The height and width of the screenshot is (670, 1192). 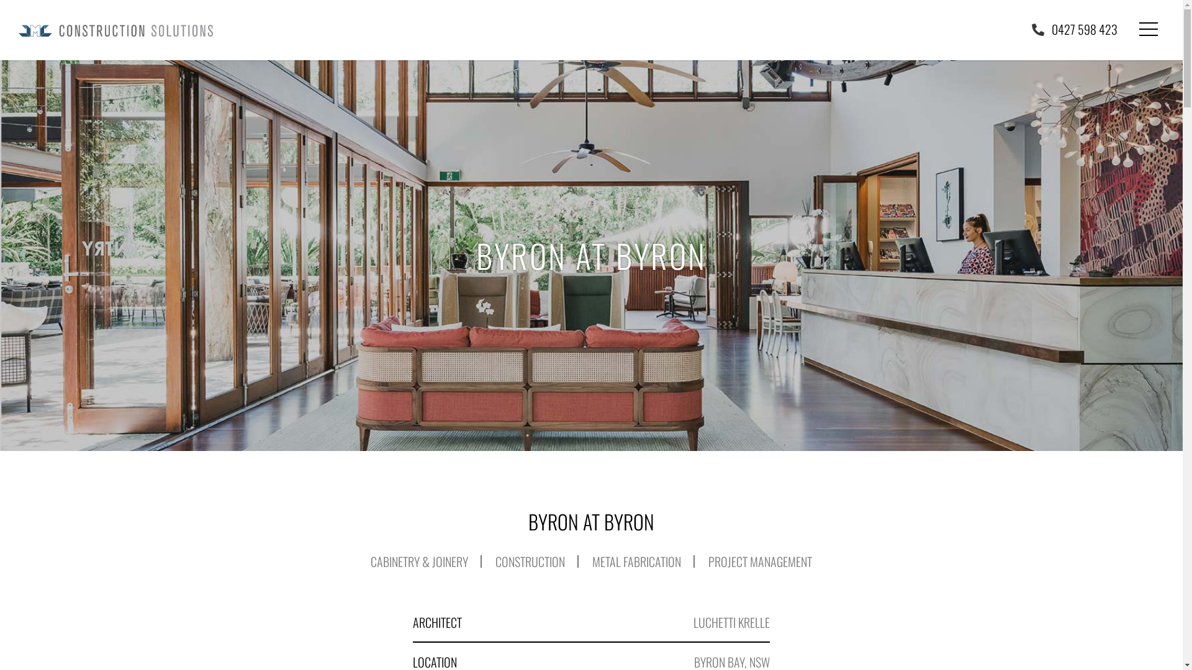 What do you see at coordinates (1074, 28) in the screenshot?
I see `'0427 598 423'` at bounding box center [1074, 28].